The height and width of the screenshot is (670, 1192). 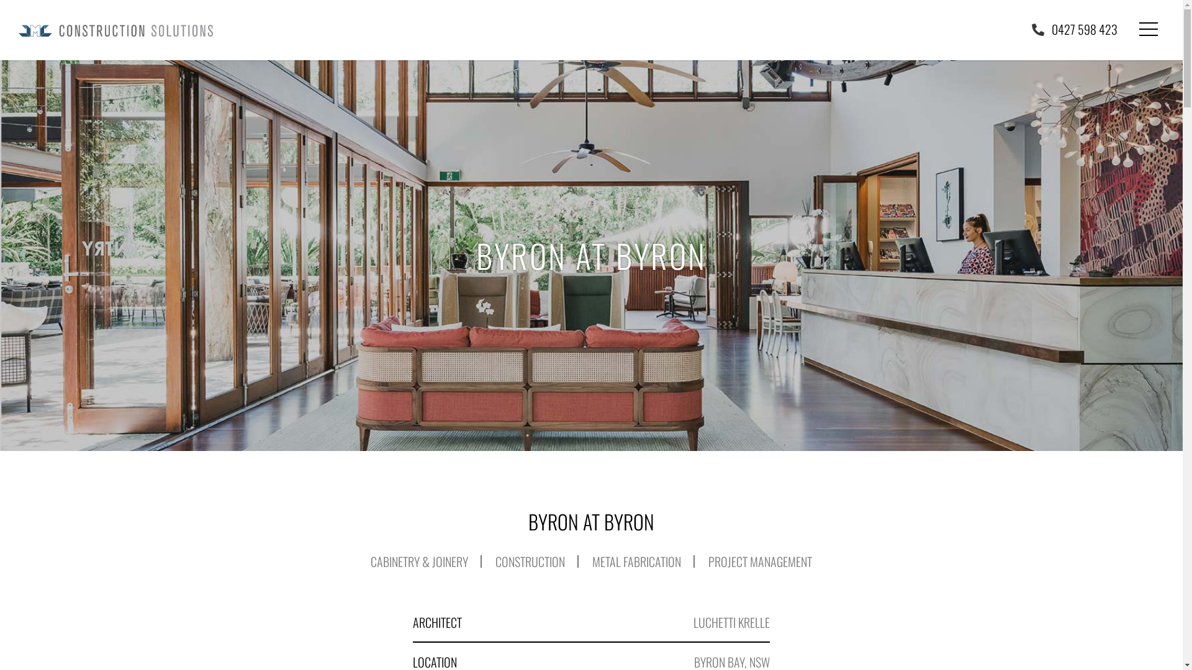 What do you see at coordinates (1074, 28) in the screenshot?
I see `'0427 598 423'` at bounding box center [1074, 28].